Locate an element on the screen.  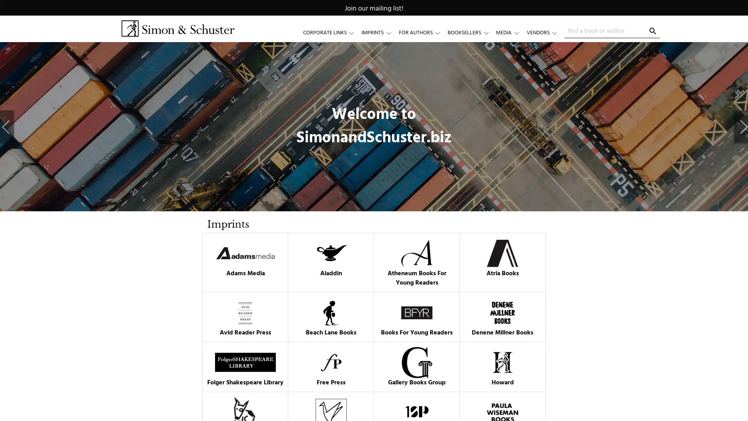
FOR AUTHORS is located at coordinates (422, 32).